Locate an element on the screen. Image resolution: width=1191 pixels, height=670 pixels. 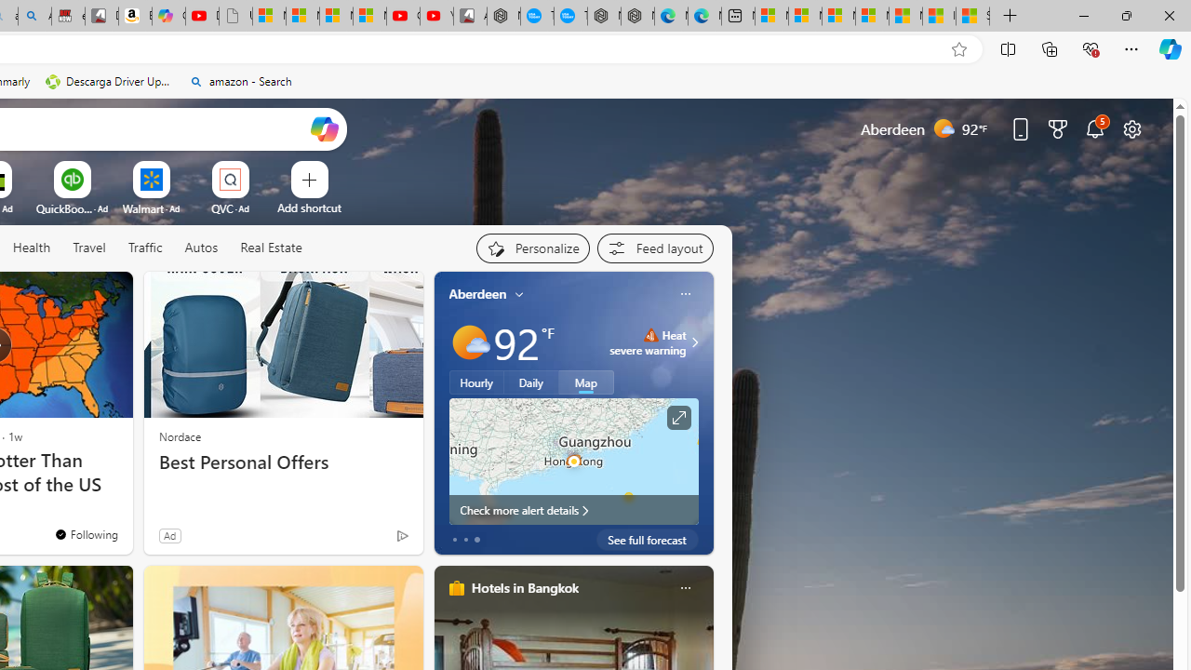
'Nordace' is located at coordinates (180, 435).